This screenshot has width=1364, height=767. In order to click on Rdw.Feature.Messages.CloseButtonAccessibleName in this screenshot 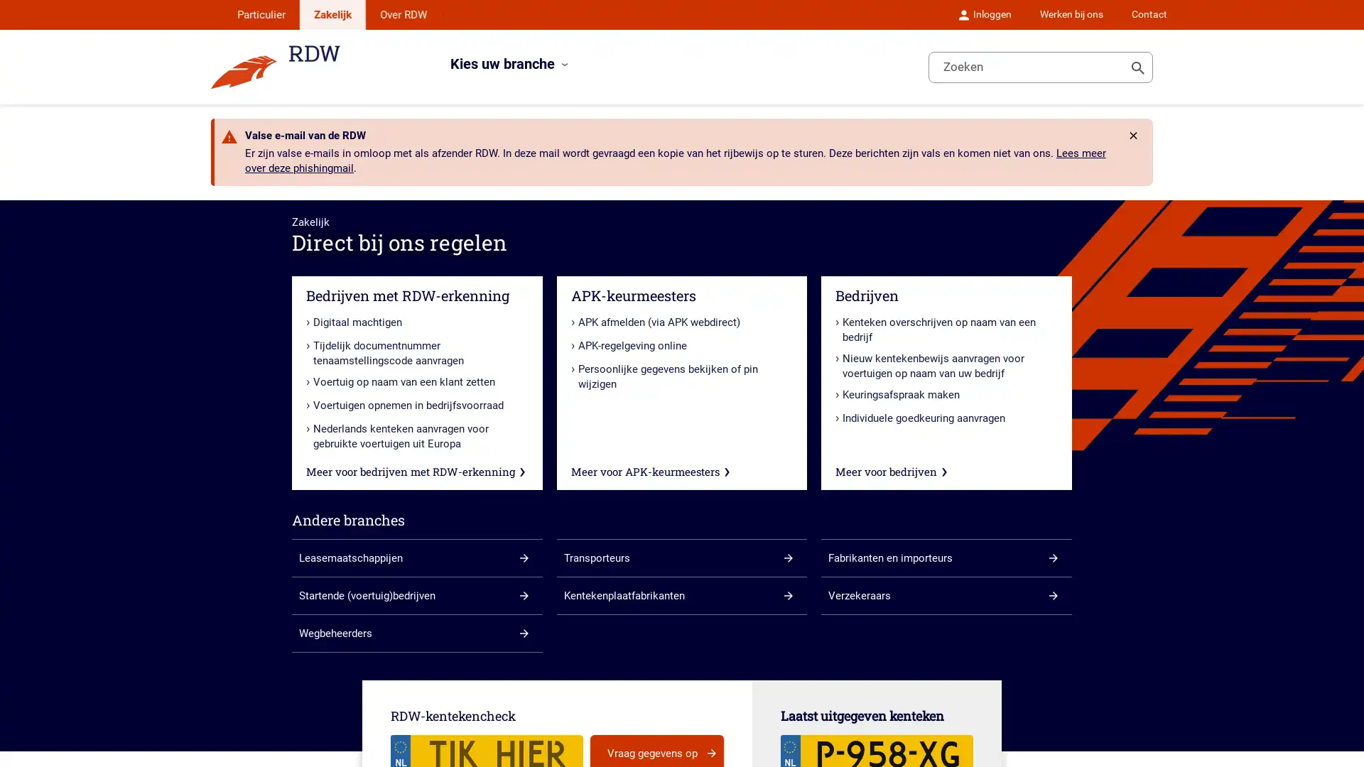, I will do `click(1132, 136)`.